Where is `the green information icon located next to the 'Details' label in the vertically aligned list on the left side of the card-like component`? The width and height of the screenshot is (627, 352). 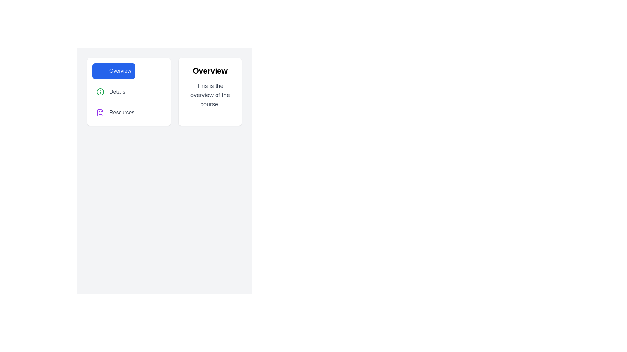
the green information icon located next to the 'Details' label in the vertically aligned list on the left side of the card-like component is located at coordinates (100, 92).